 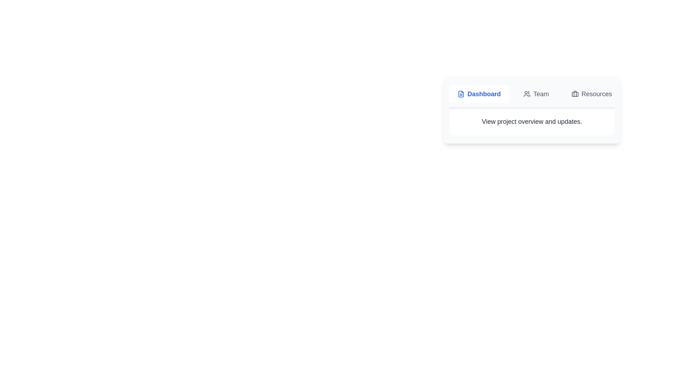 What do you see at coordinates (536, 94) in the screenshot?
I see `the tab labeled 'Team' to activate it and observe the visual change` at bounding box center [536, 94].